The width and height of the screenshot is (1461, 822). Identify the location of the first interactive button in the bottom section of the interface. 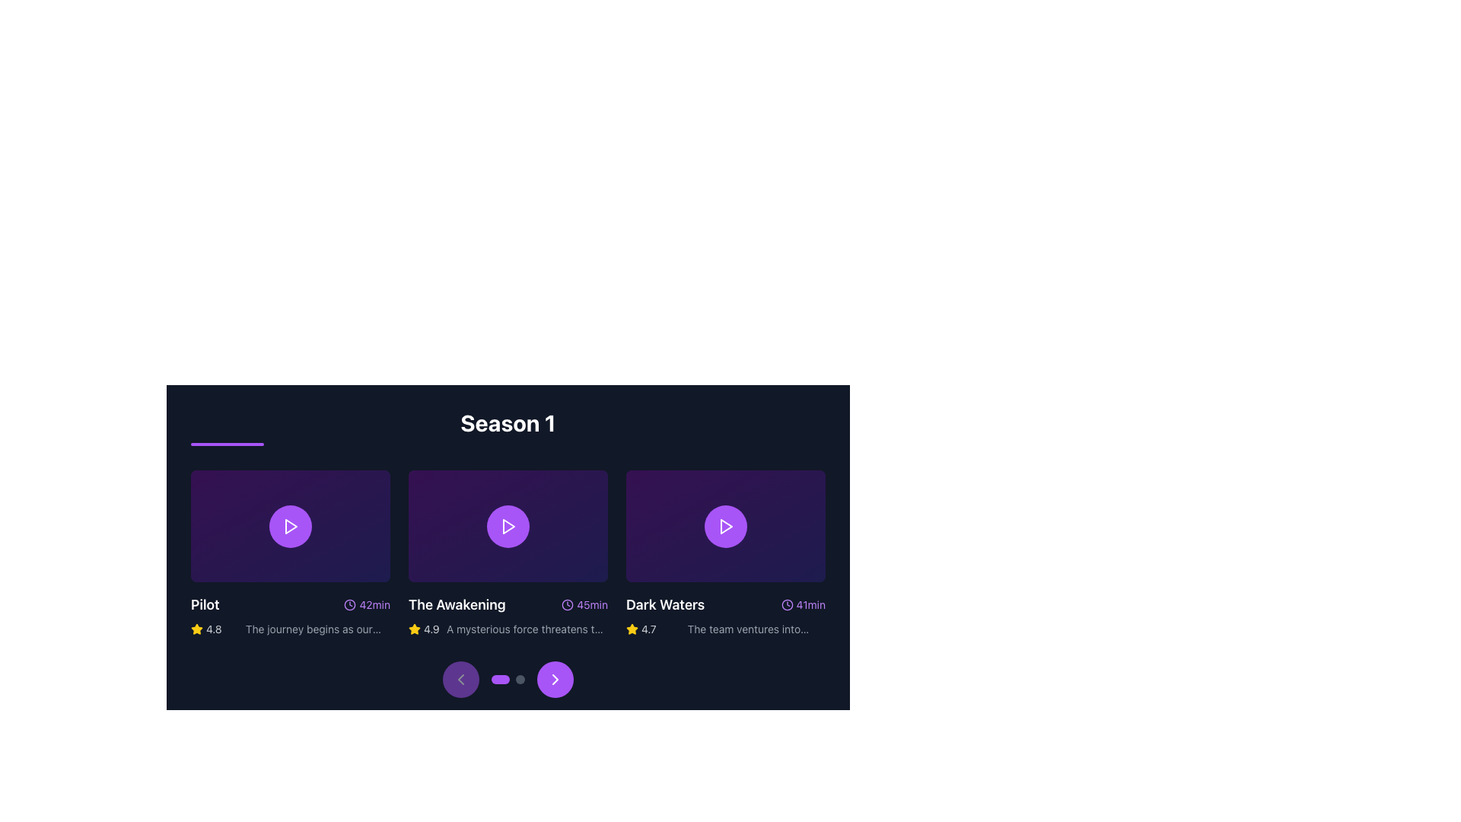
(460, 679).